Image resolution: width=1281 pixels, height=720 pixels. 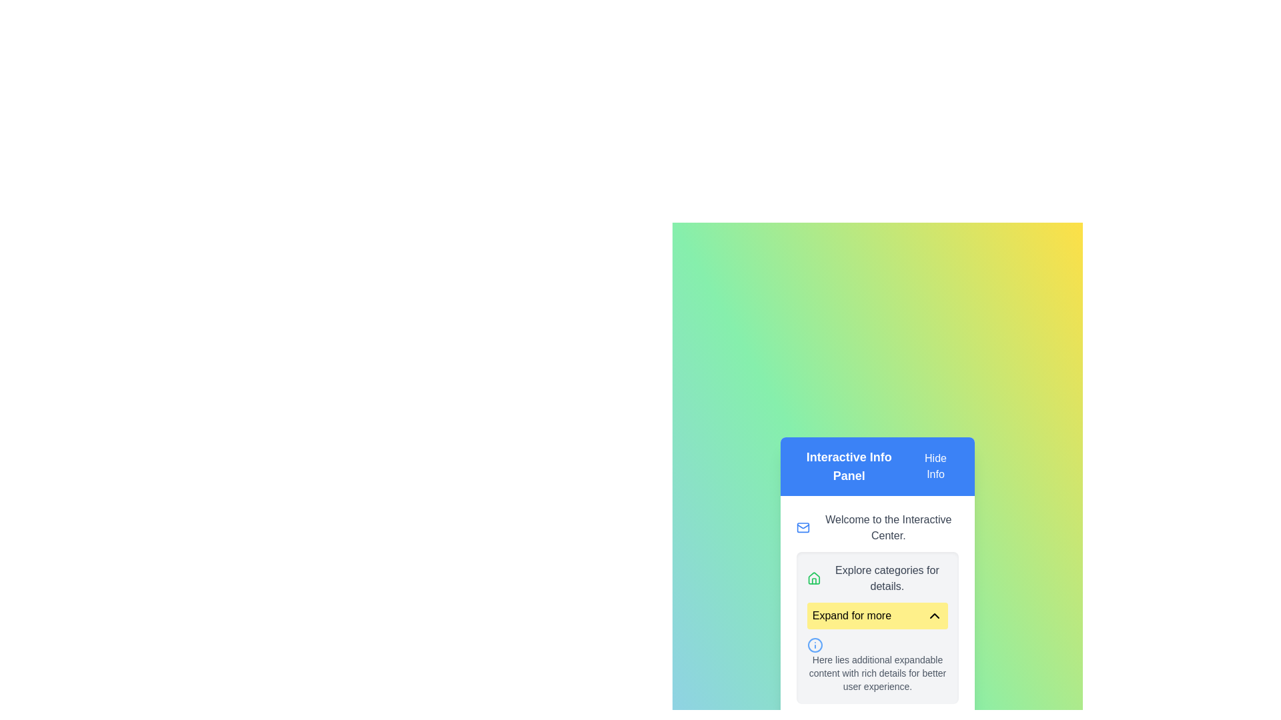 I want to click on the upward-pointing chevron icon, which is located at the right end of the yellow-highlighted bar labeled 'Expand for more', so click(x=934, y=616).